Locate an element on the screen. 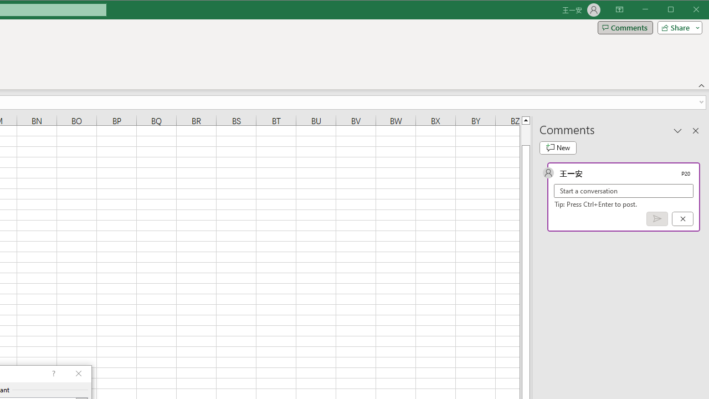  'Collapse the Ribbon' is located at coordinates (701, 85).